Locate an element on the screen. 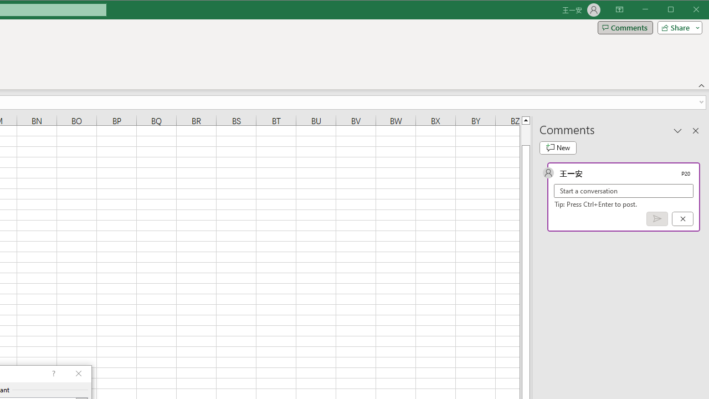  'Collapse the Ribbon' is located at coordinates (701, 85).